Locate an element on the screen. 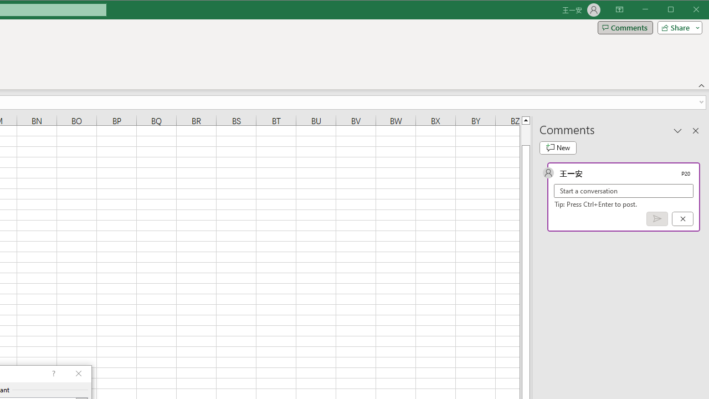  'Collapse the Ribbon' is located at coordinates (701, 85).